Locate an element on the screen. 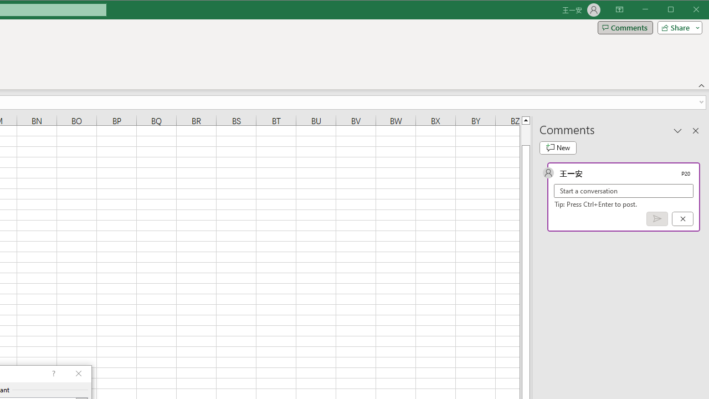  'Collapse the Ribbon' is located at coordinates (701, 85).